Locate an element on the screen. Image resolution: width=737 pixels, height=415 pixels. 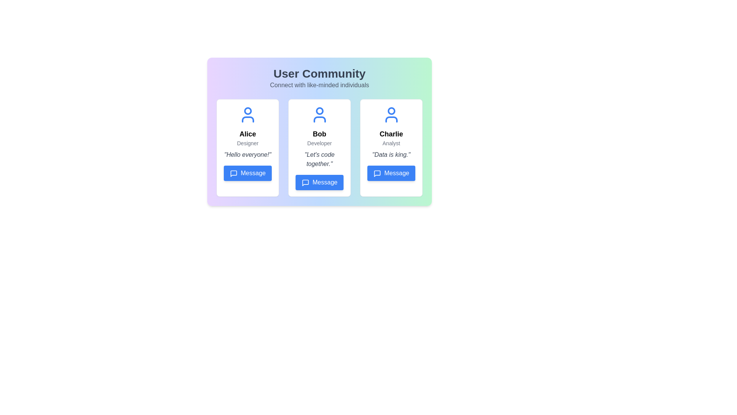
the SVG Icon representing the user 'Bob', which serves as the visual header for the content block is located at coordinates (319, 115).